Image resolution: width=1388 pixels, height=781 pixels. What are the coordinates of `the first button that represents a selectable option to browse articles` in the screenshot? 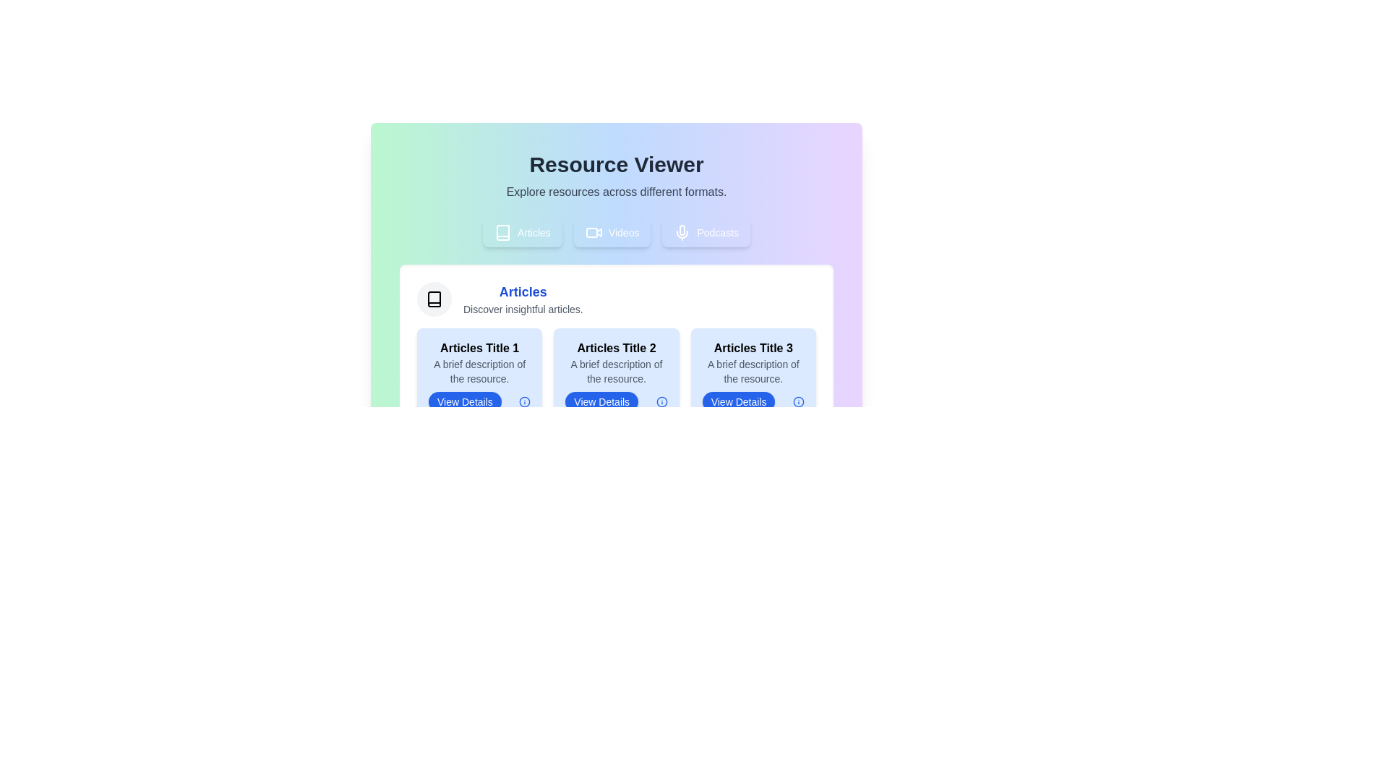 It's located at (521, 231).